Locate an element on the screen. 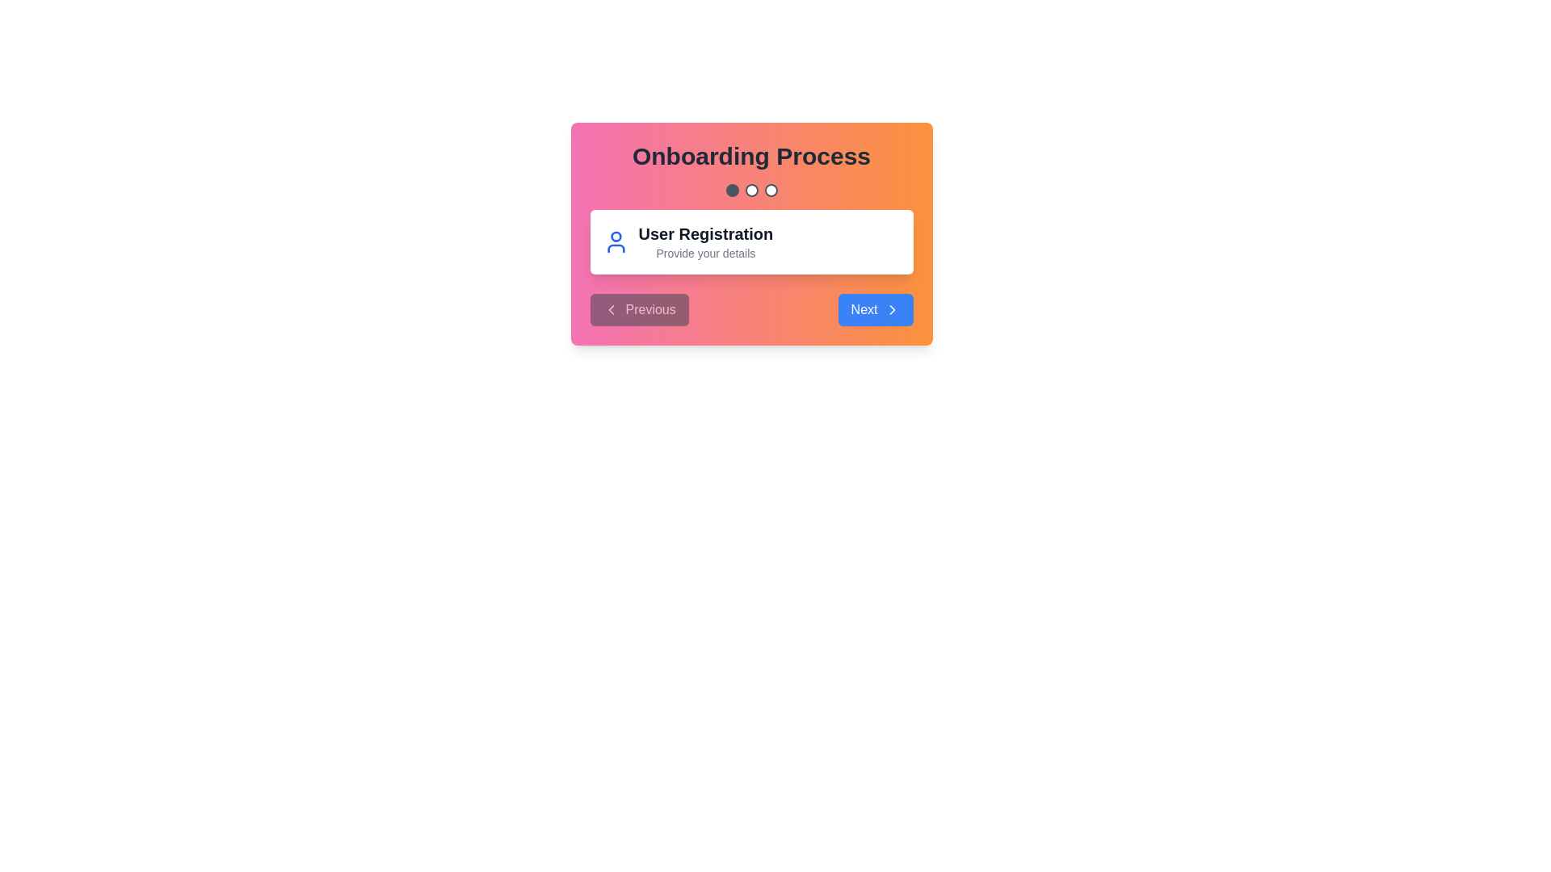  the chevron icon within the 'Next' button is located at coordinates (891, 310).